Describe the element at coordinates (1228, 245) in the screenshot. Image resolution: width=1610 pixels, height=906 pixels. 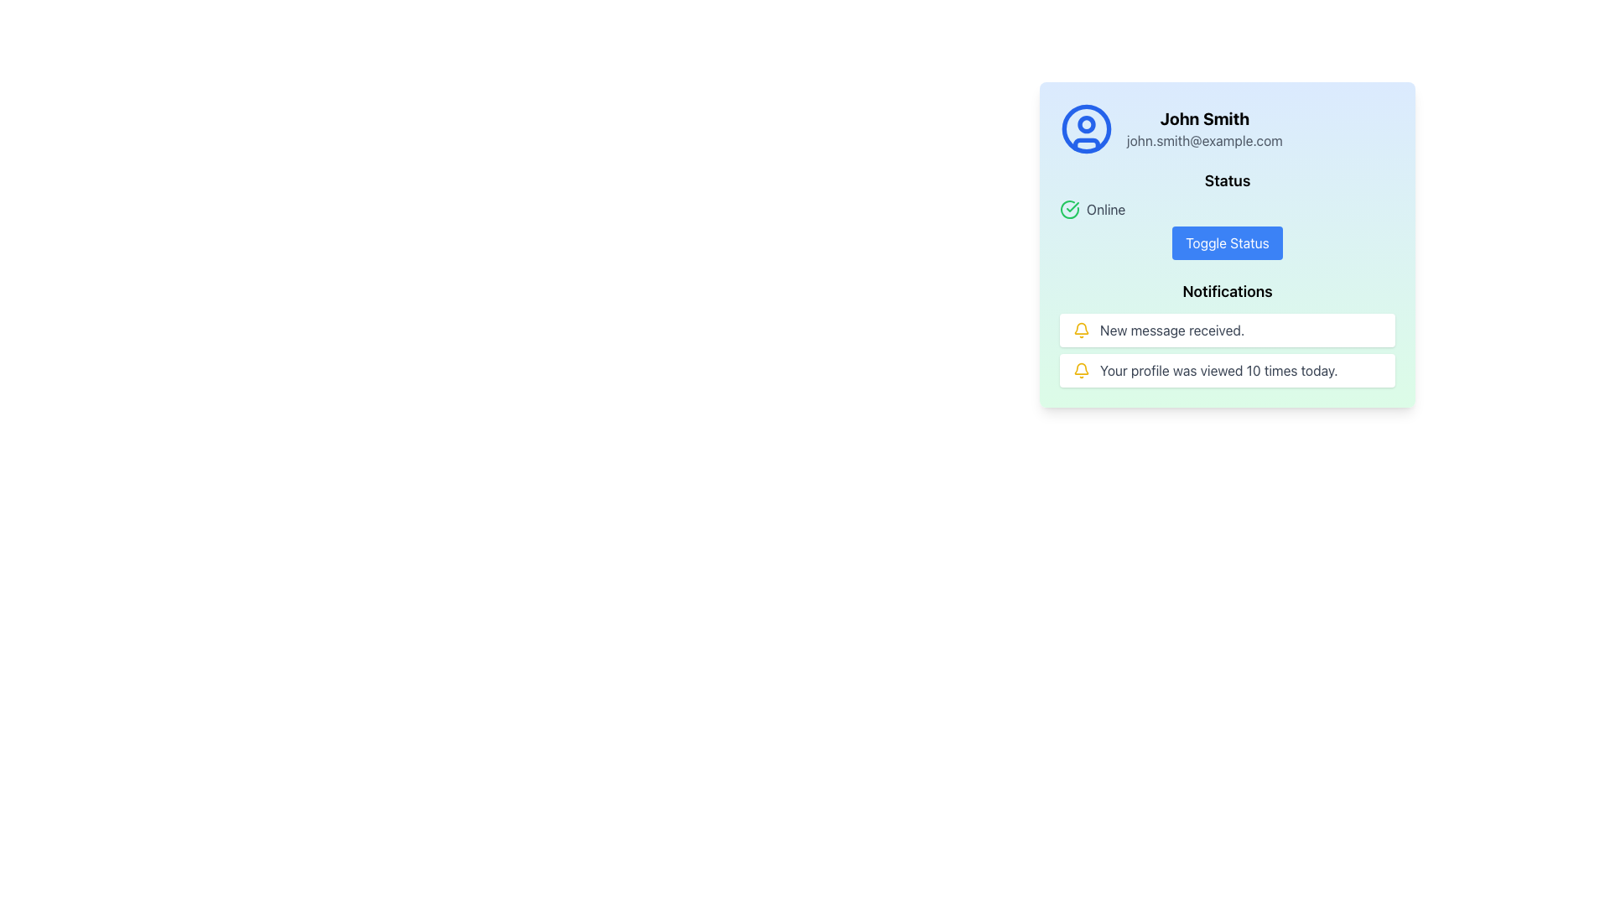
I see `the toggle button located in the middle of the card component, below the 'Status' heading and above the 'Notifications' heading` at that location.